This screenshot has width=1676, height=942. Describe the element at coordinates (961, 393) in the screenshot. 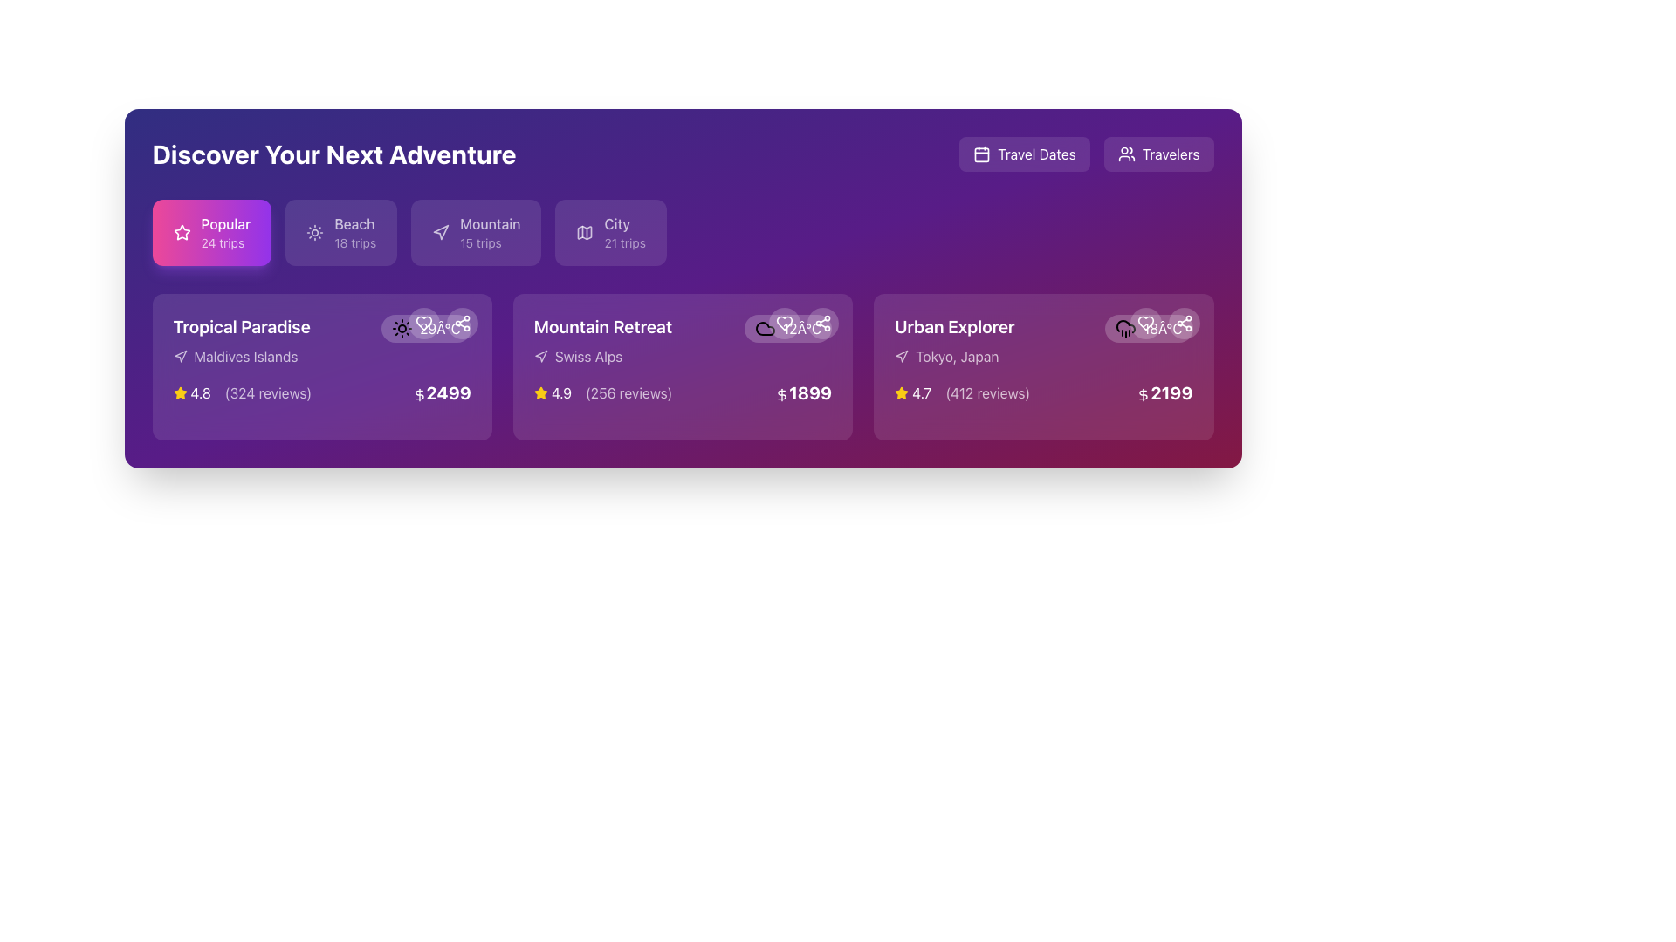

I see `the Rating display located in the bottom section of the third card from the left, just above the price tag on the 'Urban Explorer' card` at that location.